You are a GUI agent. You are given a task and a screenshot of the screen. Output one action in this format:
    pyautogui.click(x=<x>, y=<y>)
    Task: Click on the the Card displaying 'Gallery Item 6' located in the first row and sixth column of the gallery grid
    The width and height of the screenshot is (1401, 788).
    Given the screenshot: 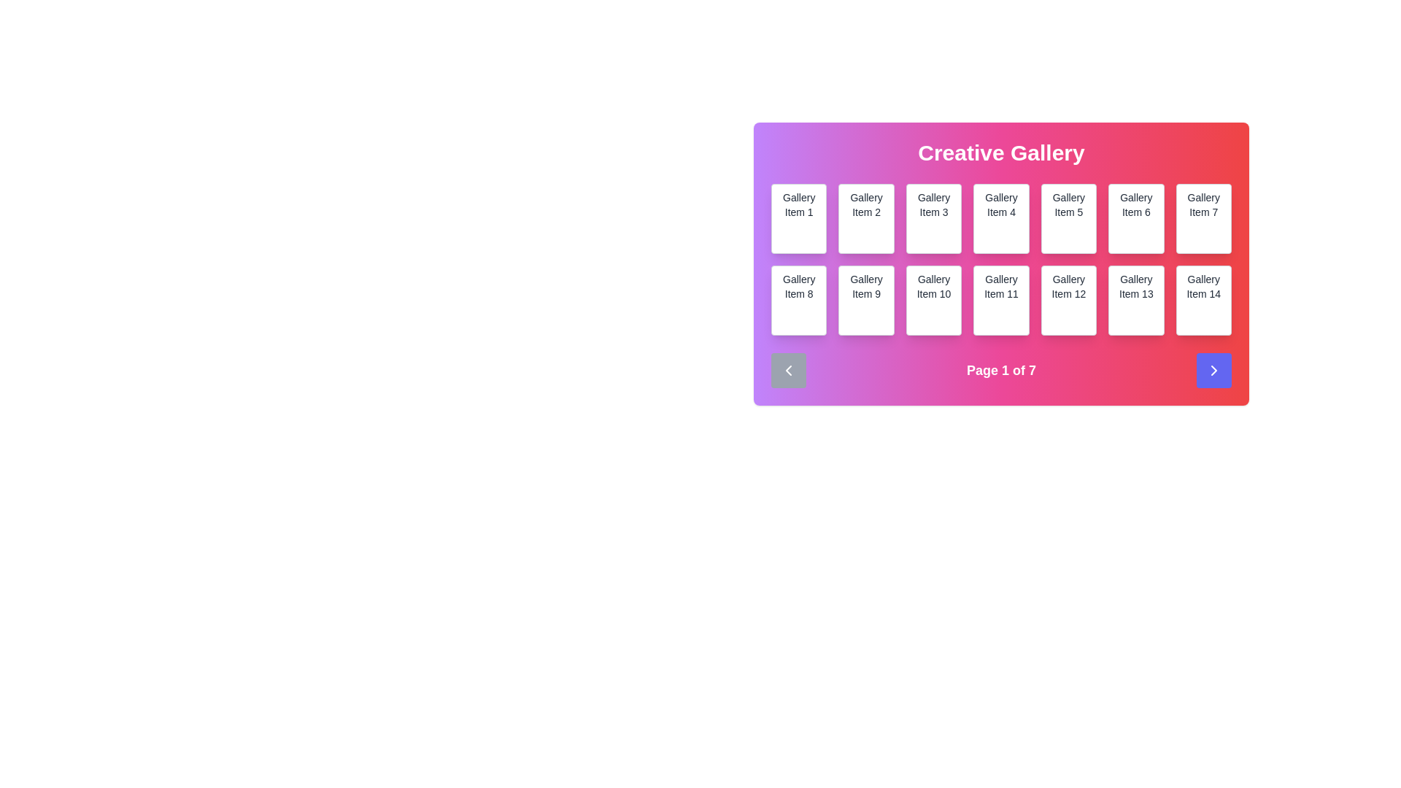 What is the action you would take?
    pyautogui.click(x=1135, y=219)
    